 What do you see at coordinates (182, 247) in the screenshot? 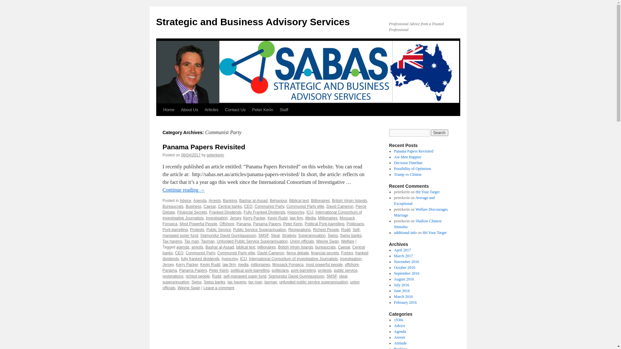
I see `'agenda'` at bounding box center [182, 247].